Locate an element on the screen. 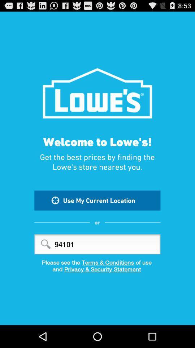 This screenshot has width=195, height=348. the 94101 icon is located at coordinates (97, 244).